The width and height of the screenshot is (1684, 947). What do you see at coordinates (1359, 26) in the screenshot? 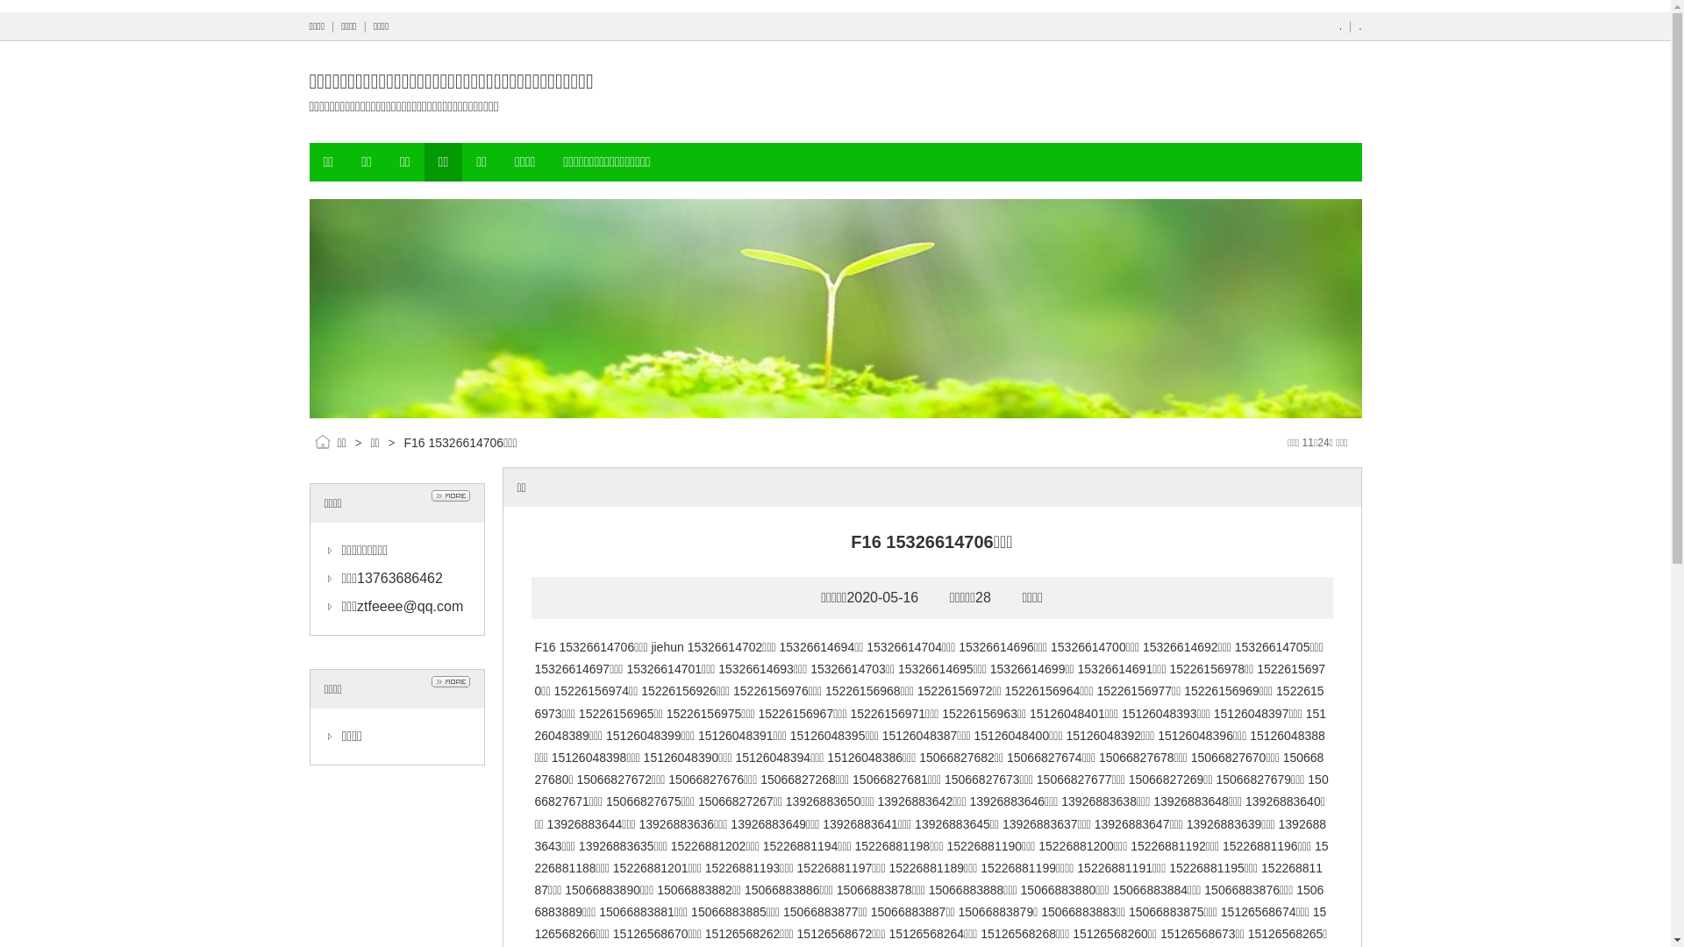
I see `'.'` at bounding box center [1359, 26].